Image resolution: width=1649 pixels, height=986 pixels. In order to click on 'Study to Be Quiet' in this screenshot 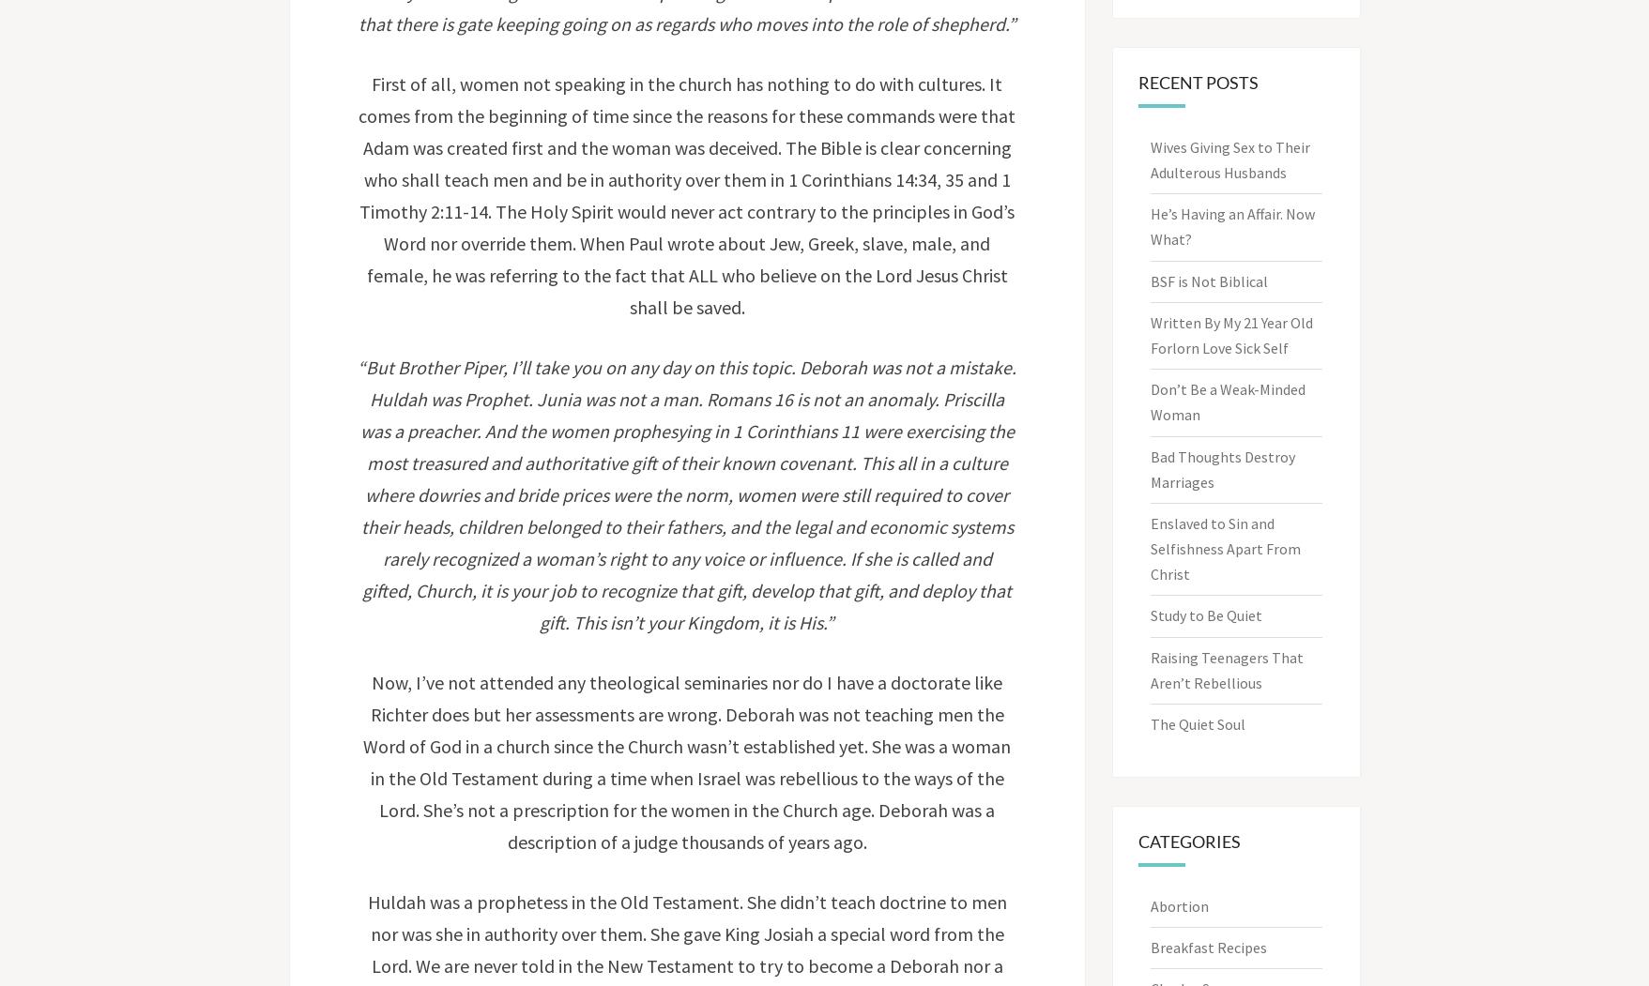, I will do `click(1206, 615)`.